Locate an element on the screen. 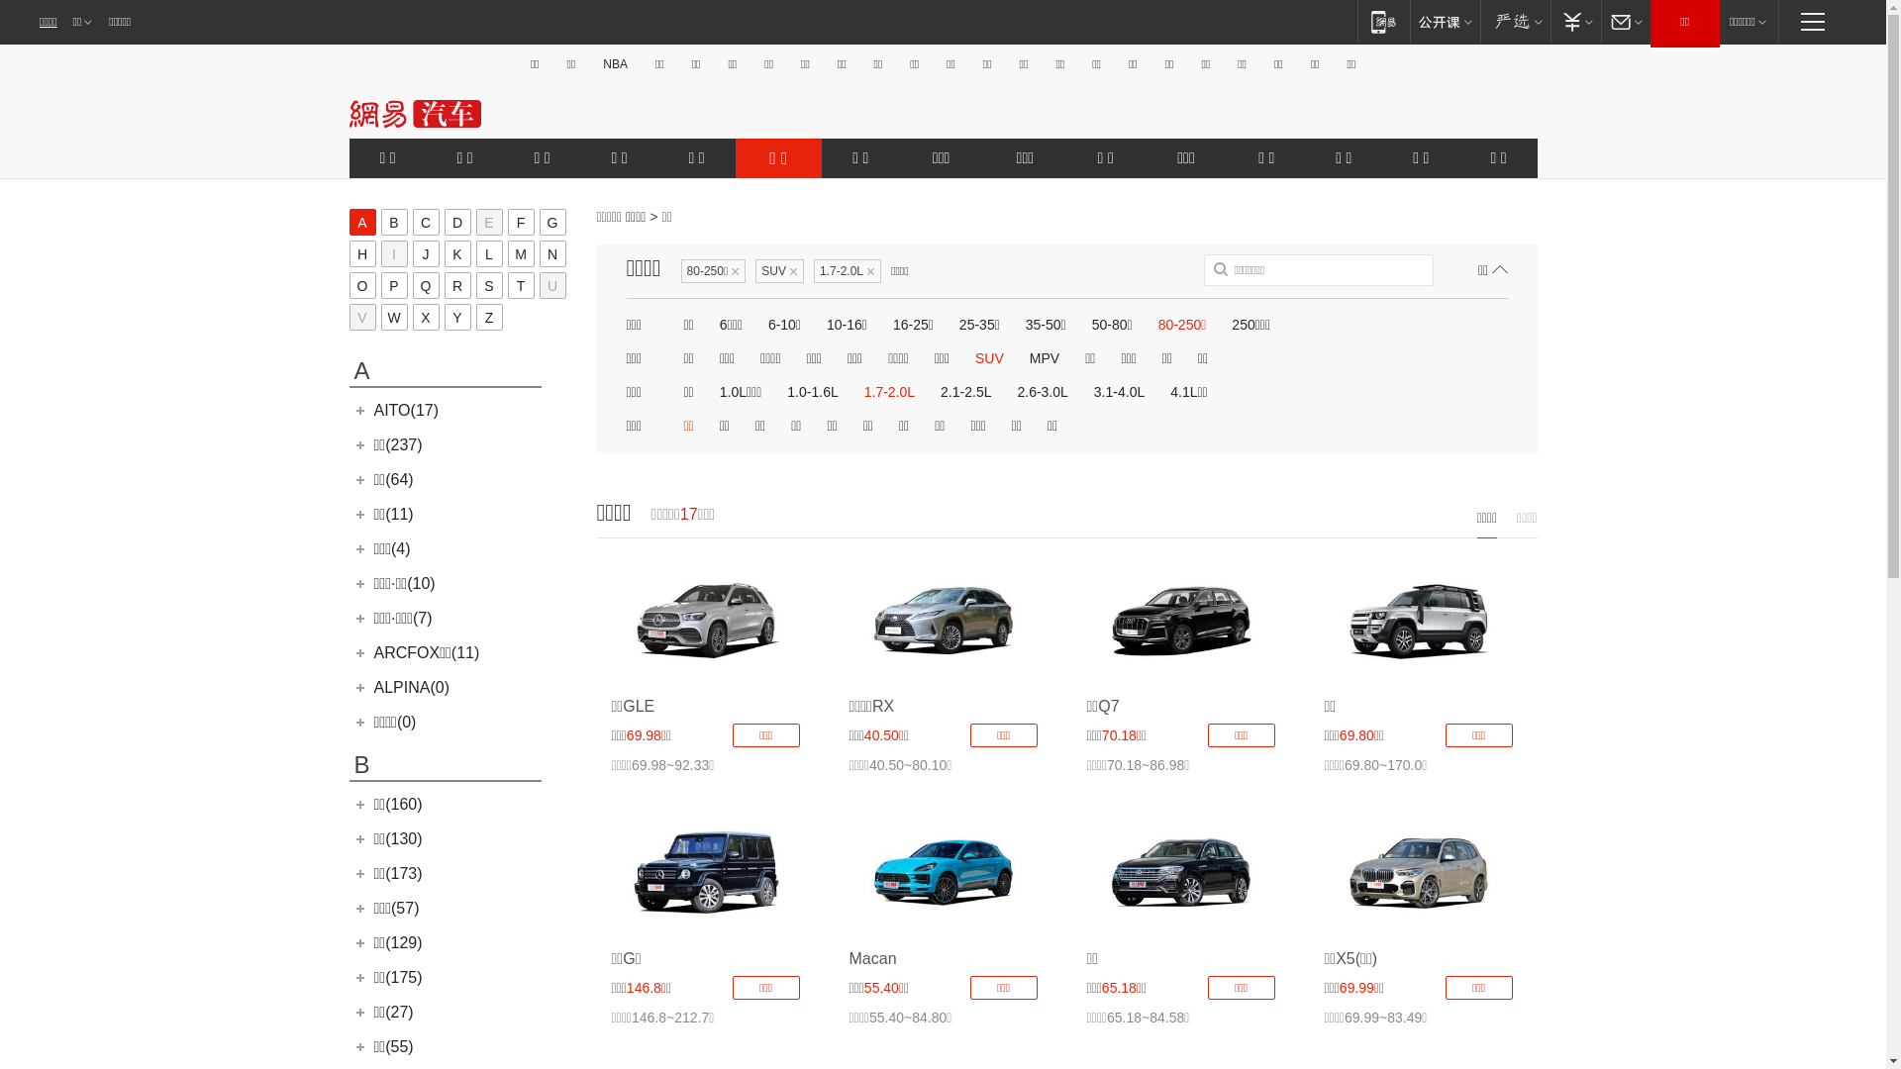  'R' is located at coordinates (455, 285).